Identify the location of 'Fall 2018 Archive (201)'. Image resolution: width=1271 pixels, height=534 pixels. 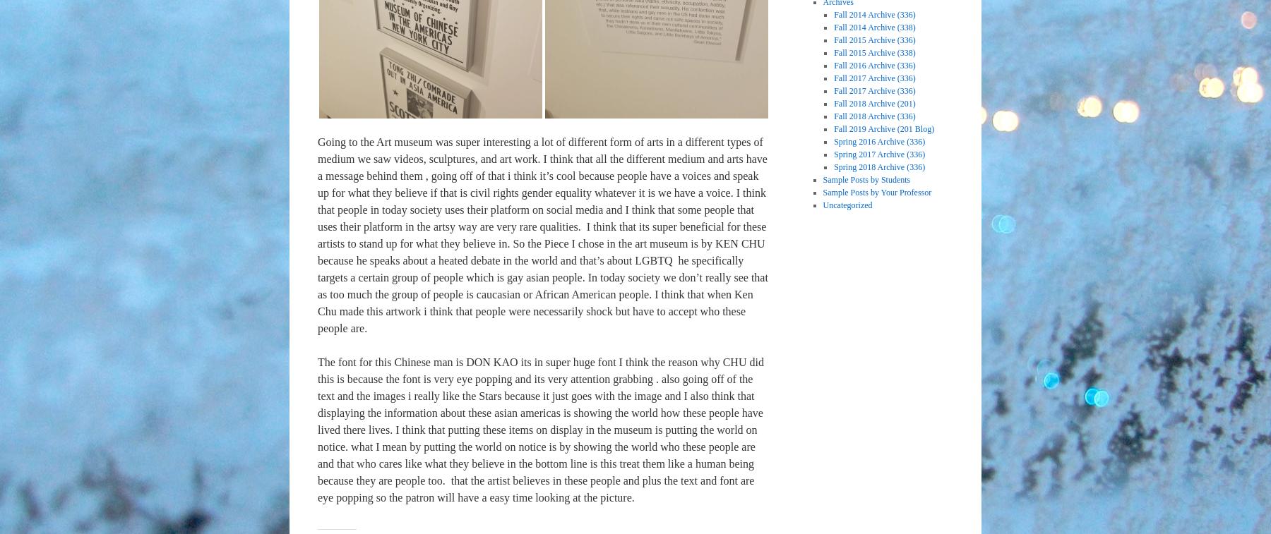
(874, 103).